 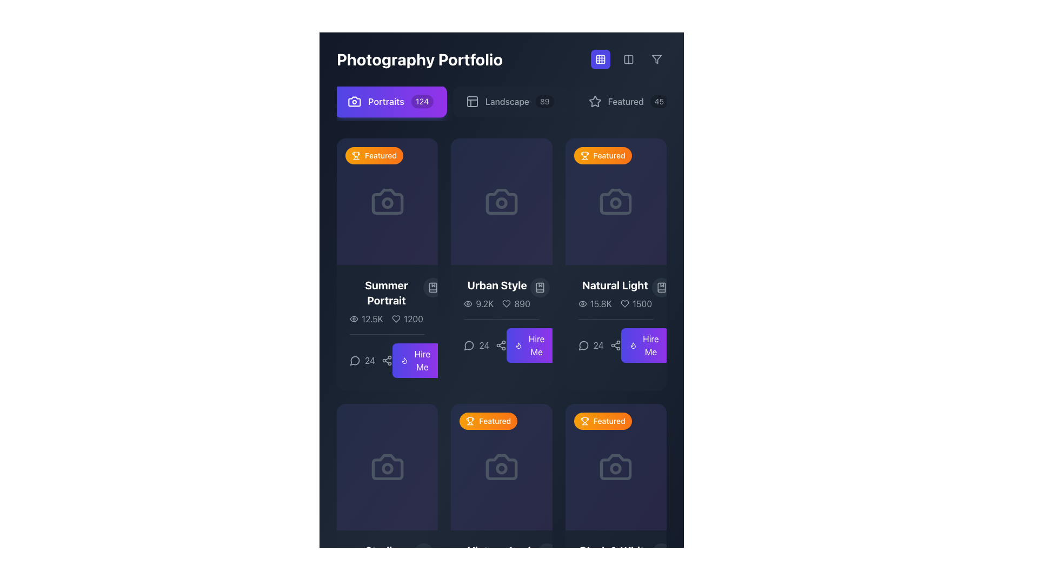 I want to click on the comment/message icon, which is a circular speech bubble located in the bottom-left corner of the 'Summer Portrait' card, so click(x=355, y=361).